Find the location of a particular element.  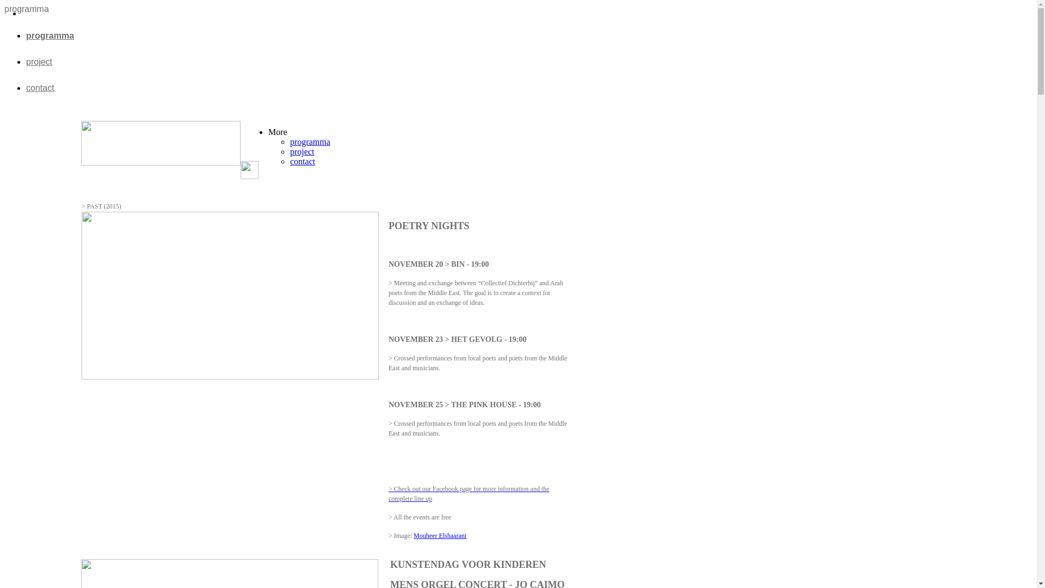

'contact' is located at coordinates (303, 161).